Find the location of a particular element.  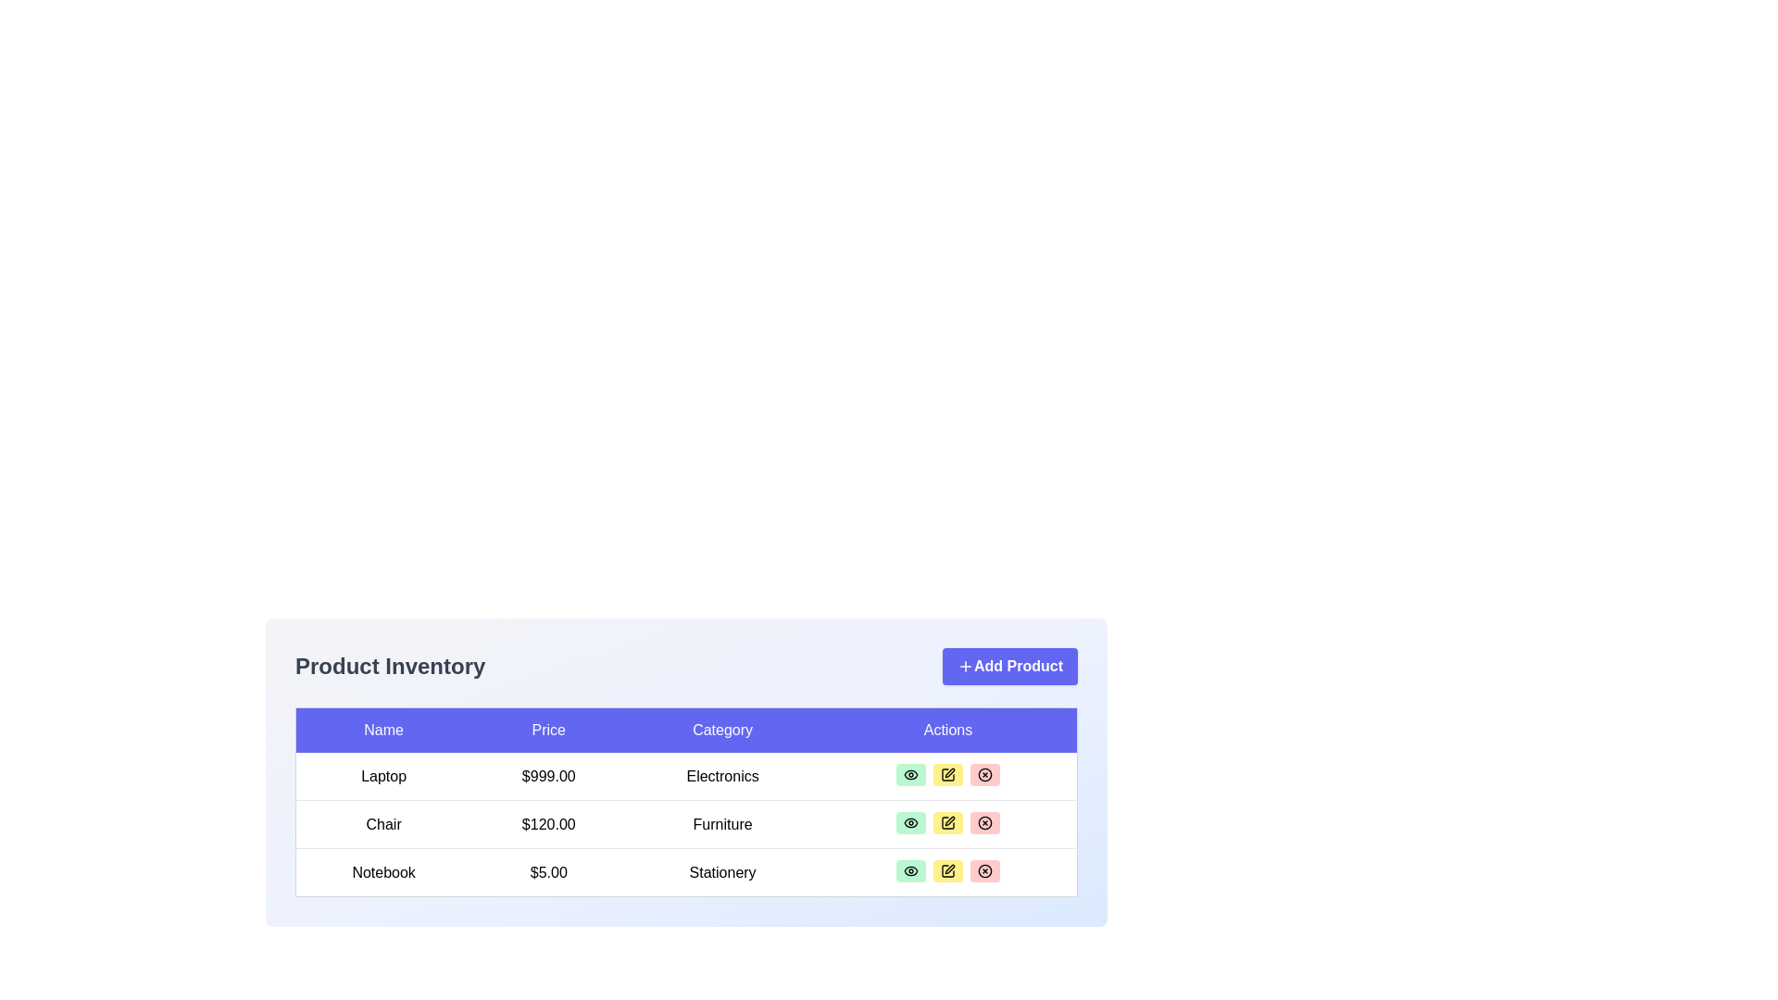

the text segment displaying 'Notebook $5.00 Stationery' located in the last row of the table under name, price, and category columns is located at coordinates (685, 872).